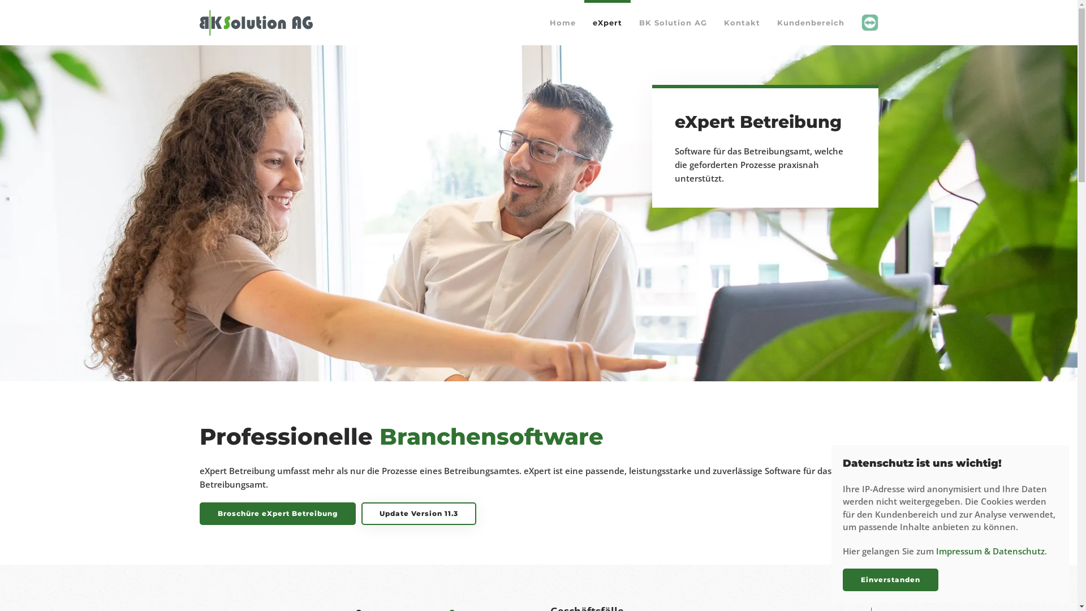 Image resolution: width=1086 pixels, height=611 pixels. Describe the element at coordinates (629, 22) in the screenshot. I see `'BK Solution AG'` at that location.